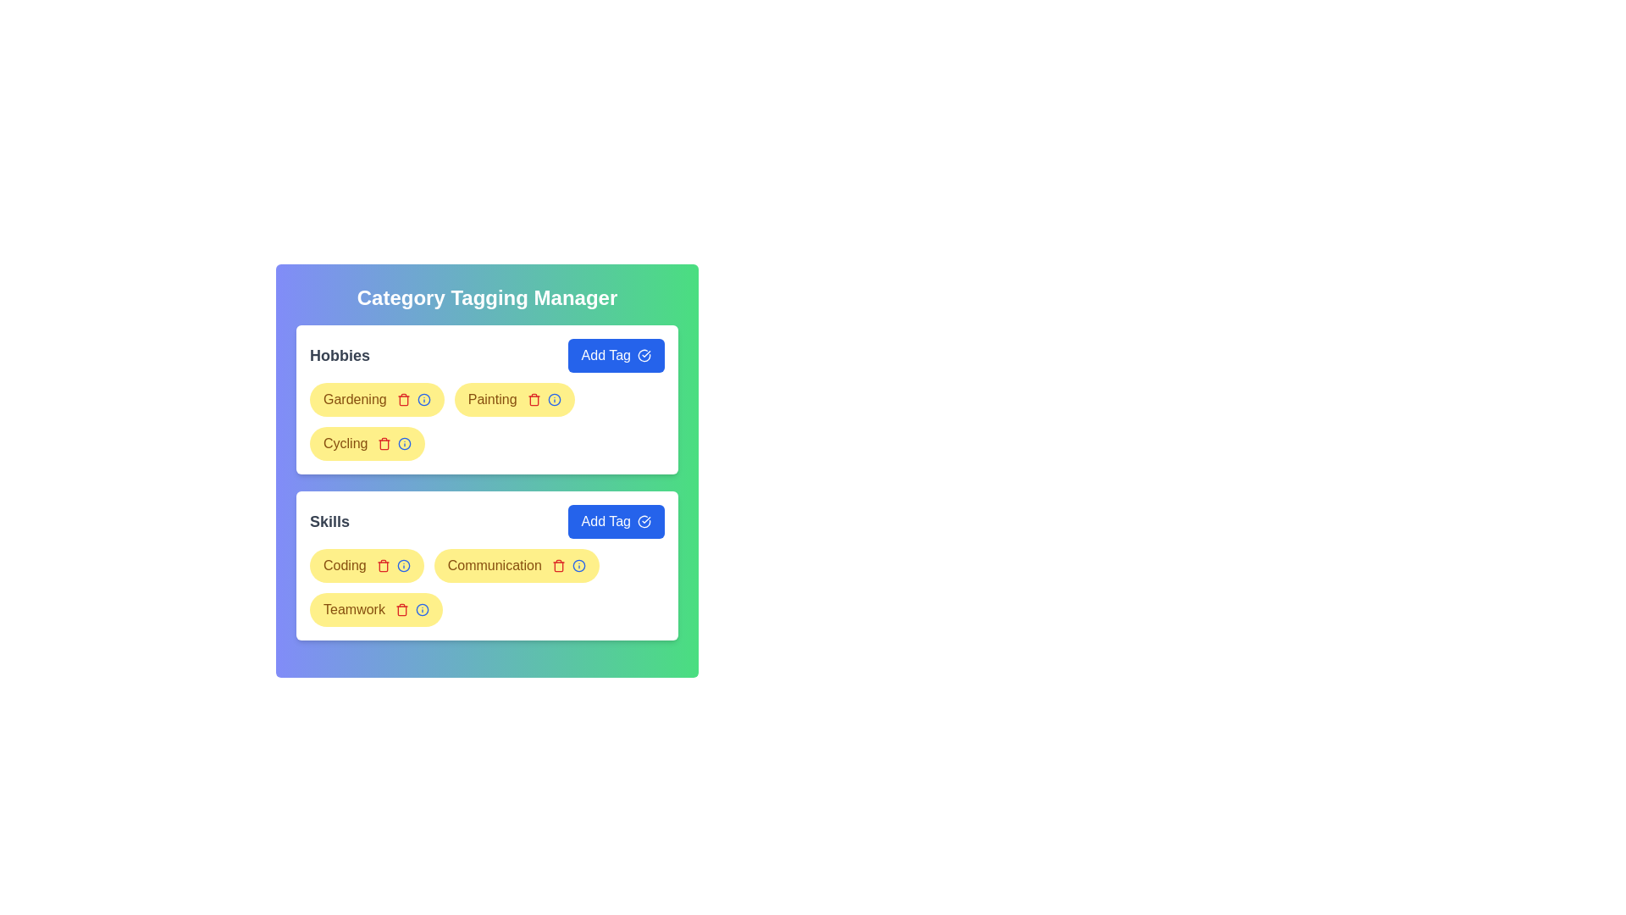 The image size is (1626, 915). What do you see at coordinates (402, 565) in the screenshot?
I see `the clickable info icon styled in blue with an embedded information symbol located within the yellow badge labeled 'Coding'` at bounding box center [402, 565].